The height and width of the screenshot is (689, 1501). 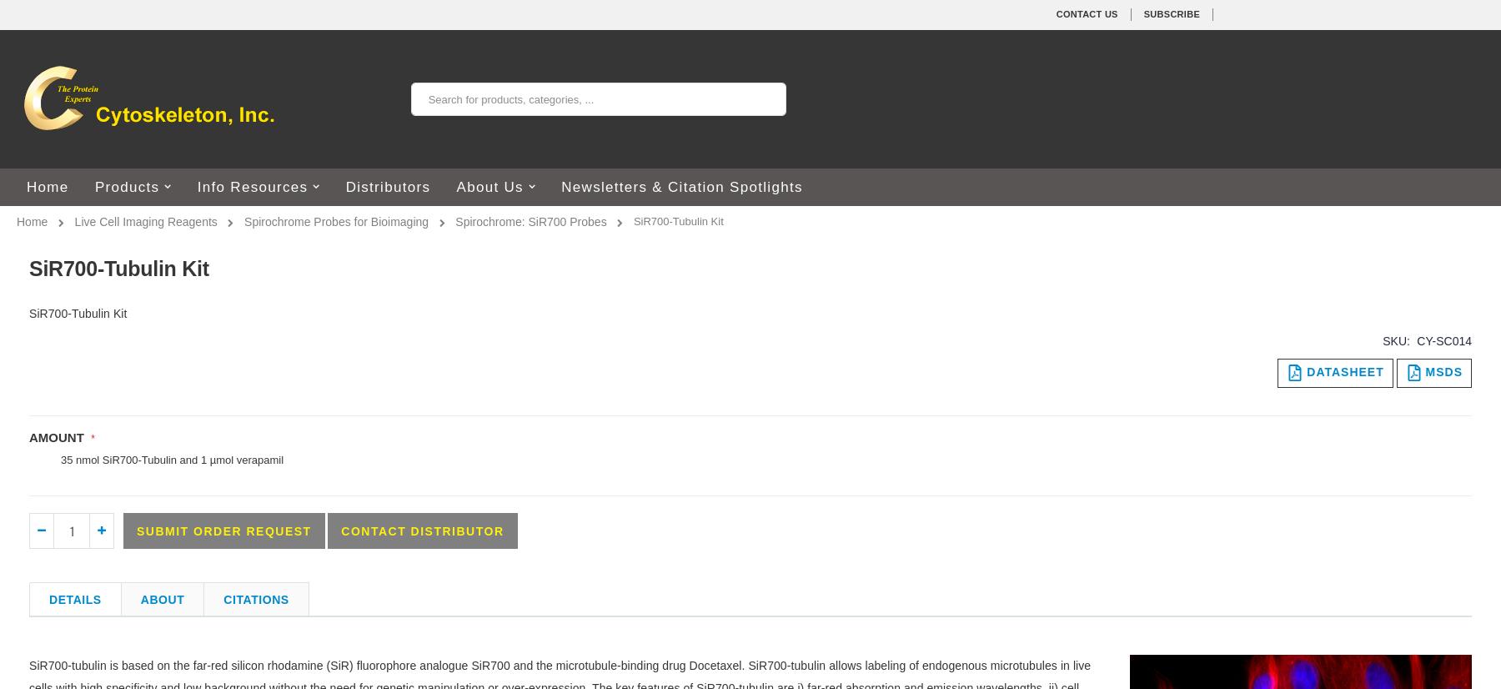 What do you see at coordinates (1171, 14) in the screenshot?
I see `'Subscribe'` at bounding box center [1171, 14].